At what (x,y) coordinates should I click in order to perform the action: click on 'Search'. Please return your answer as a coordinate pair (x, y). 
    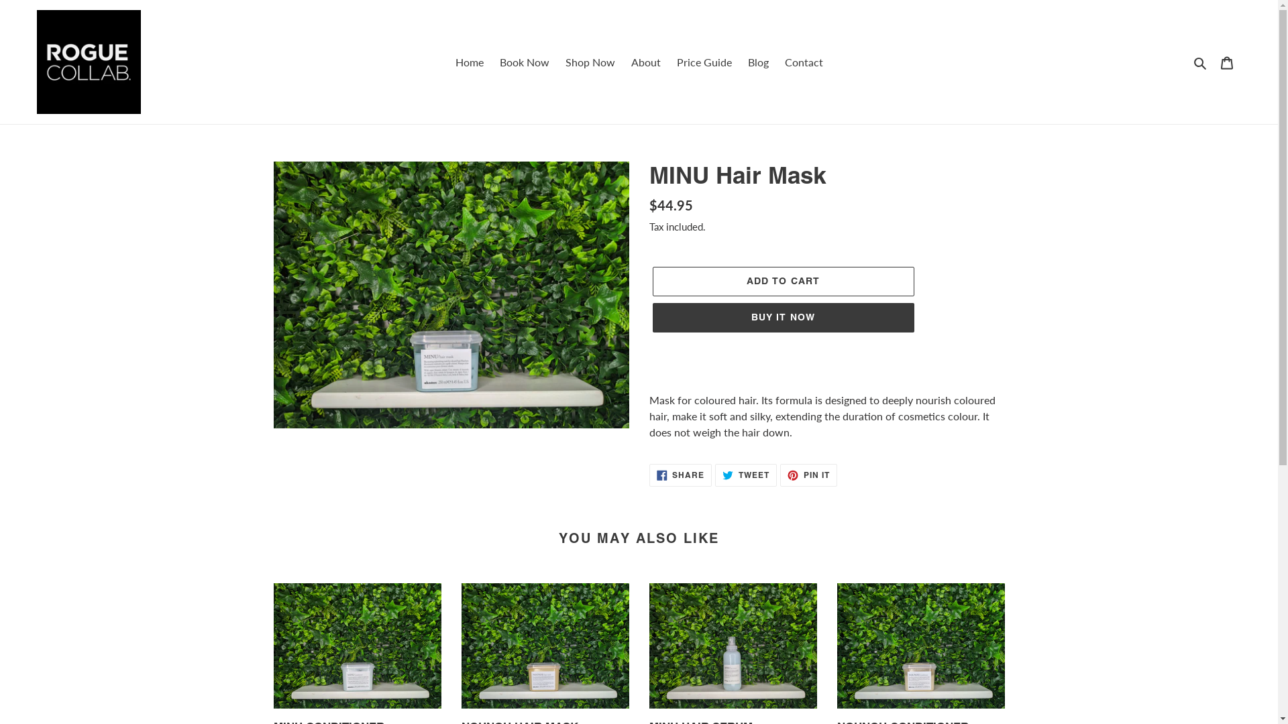
    Looking at the image, I should click on (1201, 62).